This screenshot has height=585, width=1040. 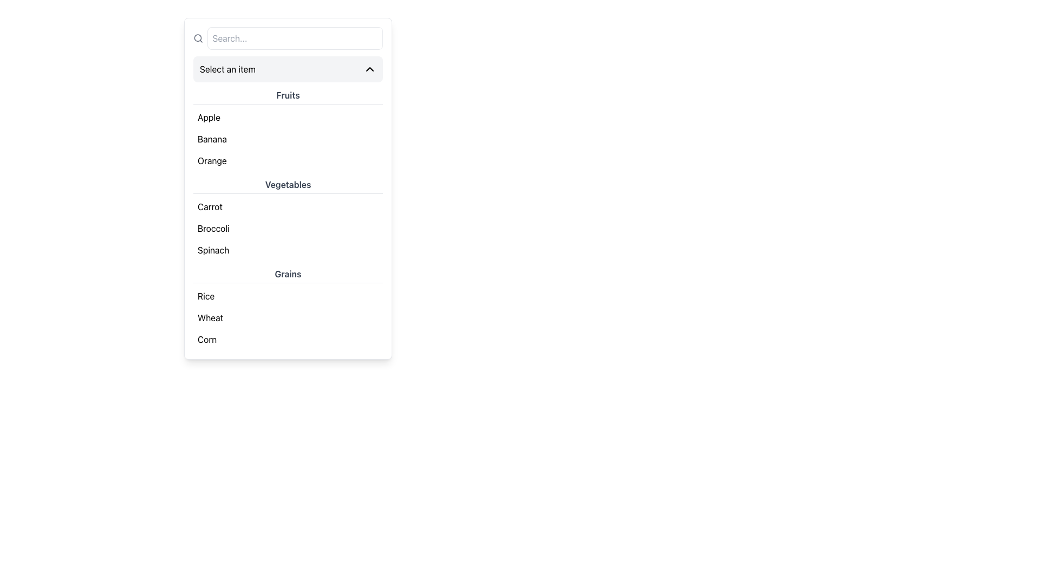 What do you see at coordinates (288, 219) in the screenshot?
I see `the vertically arranged list of items categorized under 'Vegetables', which includes entries like 'Apple', 'Banana', 'Orange' and others` at bounding box center [288, 219].